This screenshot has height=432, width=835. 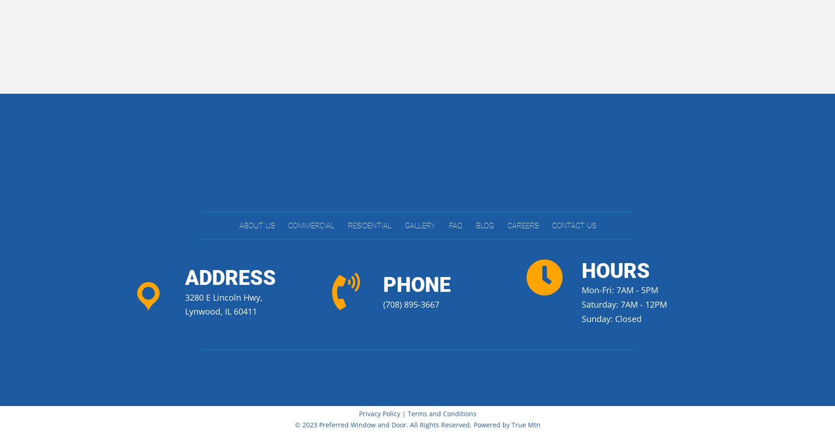 I want to click on 'Residential', so click(x=369, y=226).